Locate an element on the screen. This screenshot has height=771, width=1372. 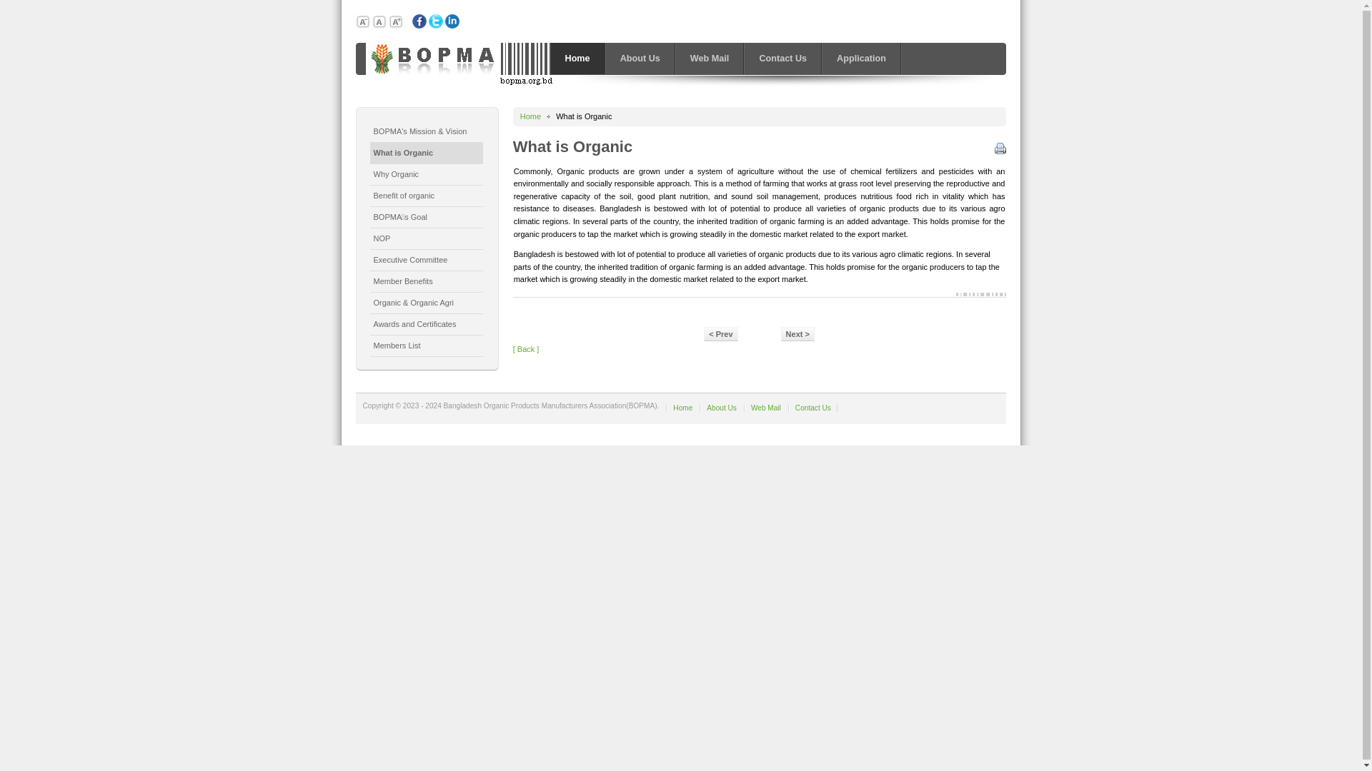
'Web Mail' is located at coordinates (710, 57).